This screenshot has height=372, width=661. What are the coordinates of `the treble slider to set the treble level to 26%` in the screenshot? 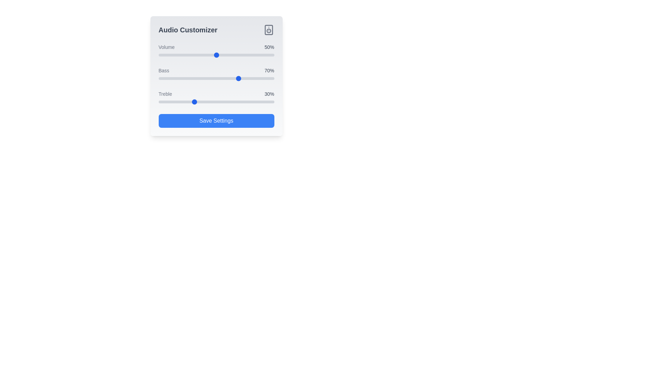 It's located at (188, 102).